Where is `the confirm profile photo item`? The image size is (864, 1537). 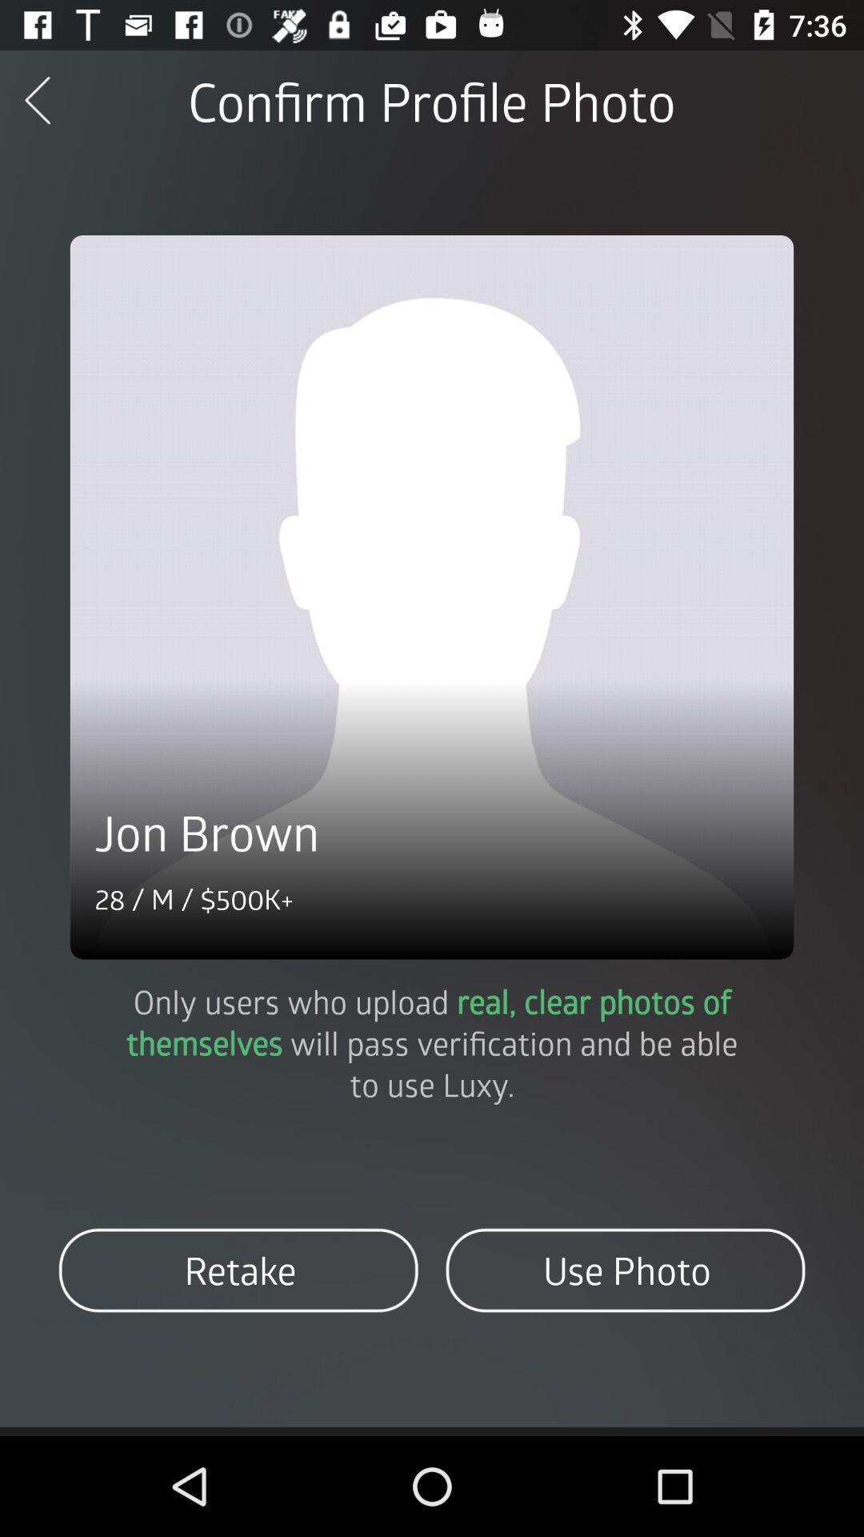 the confirm profile photo item is located at coordinates (430, 99).